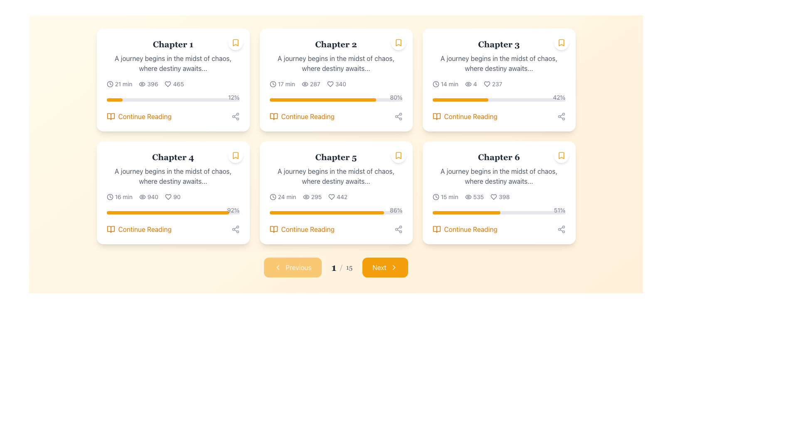 This screenshot has width=798, height=448. Describe the element at coordinates (336, 84) in the screenshot. I see `the heart icon adjacent to the text displaying the number of likes for 'Chapter 2', which is the third item in the horizontal list of metadata` at that location.